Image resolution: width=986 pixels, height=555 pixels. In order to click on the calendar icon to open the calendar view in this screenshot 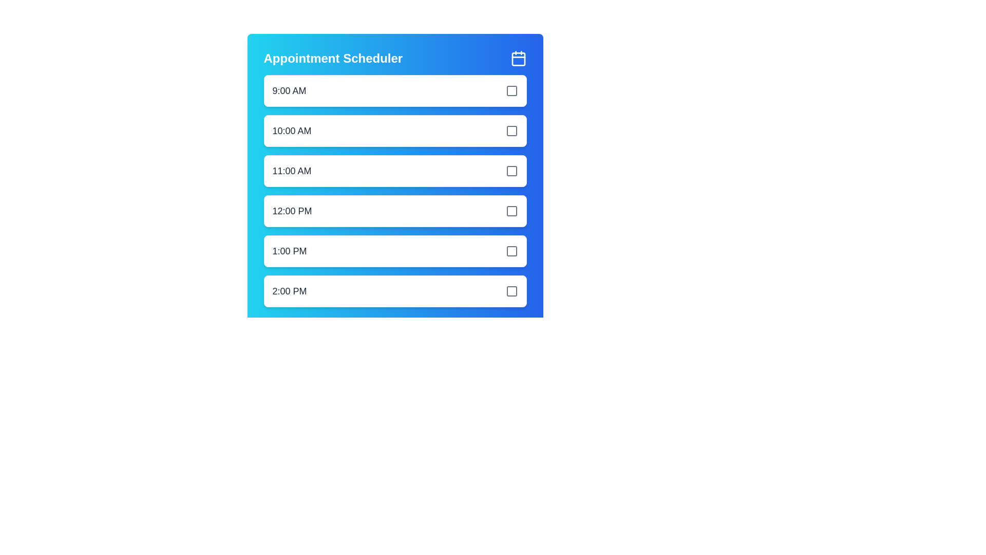, I will do `click(518, 59)`.